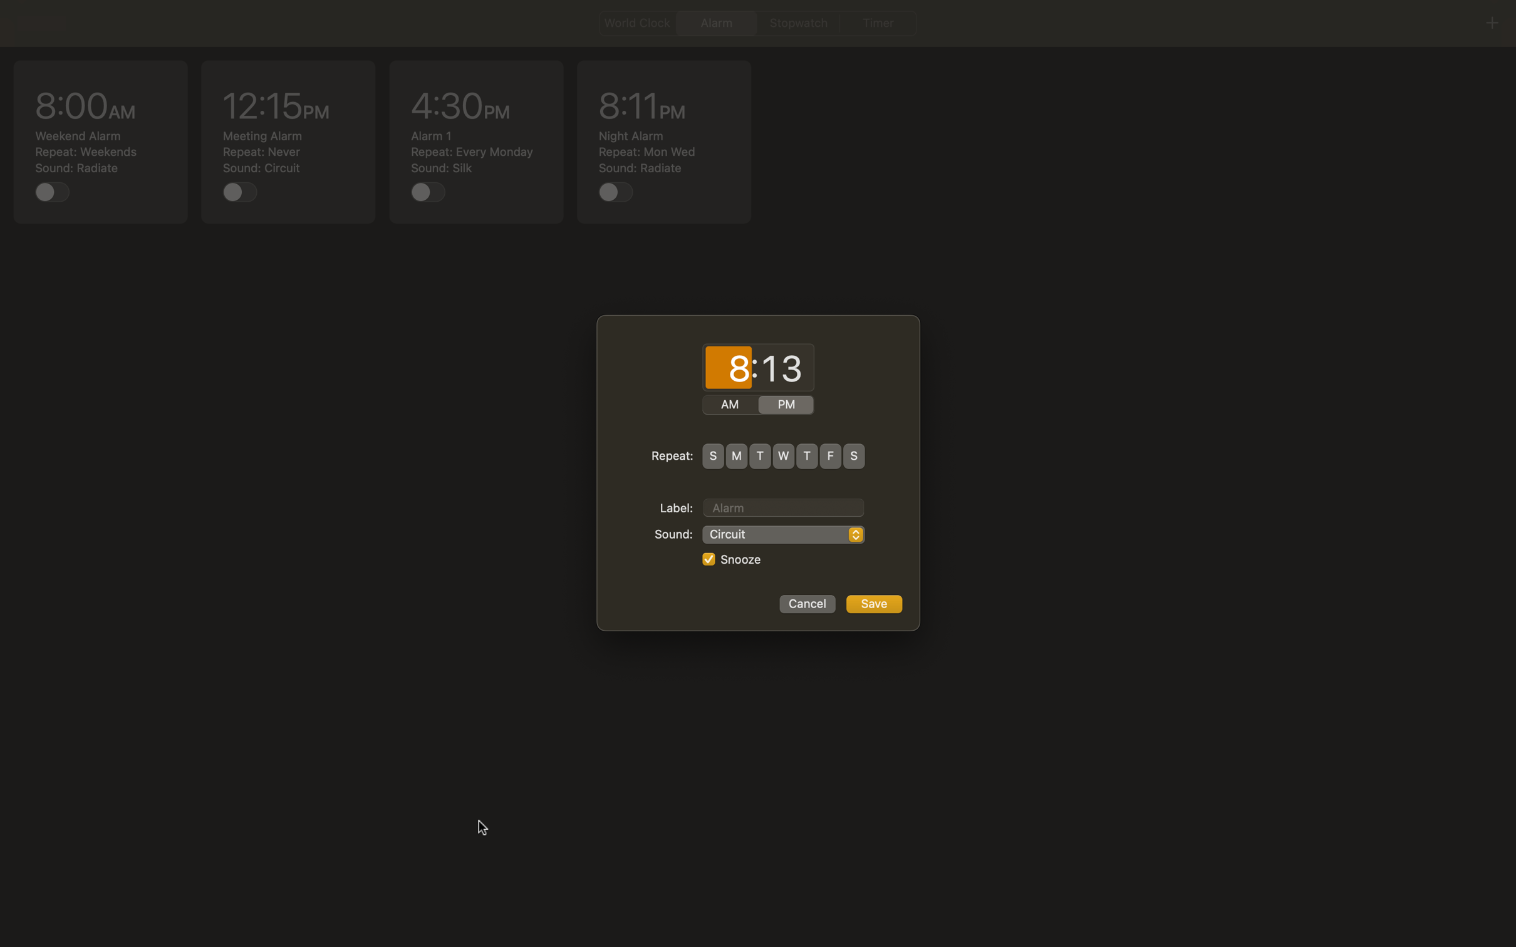 The width and height of the screenshot is (1516, 947). What do you see at coordinates (783, 505) in the screenshot?
I see `Assign the alarm name as "Important Meeting` at bounding box center [783, 505].